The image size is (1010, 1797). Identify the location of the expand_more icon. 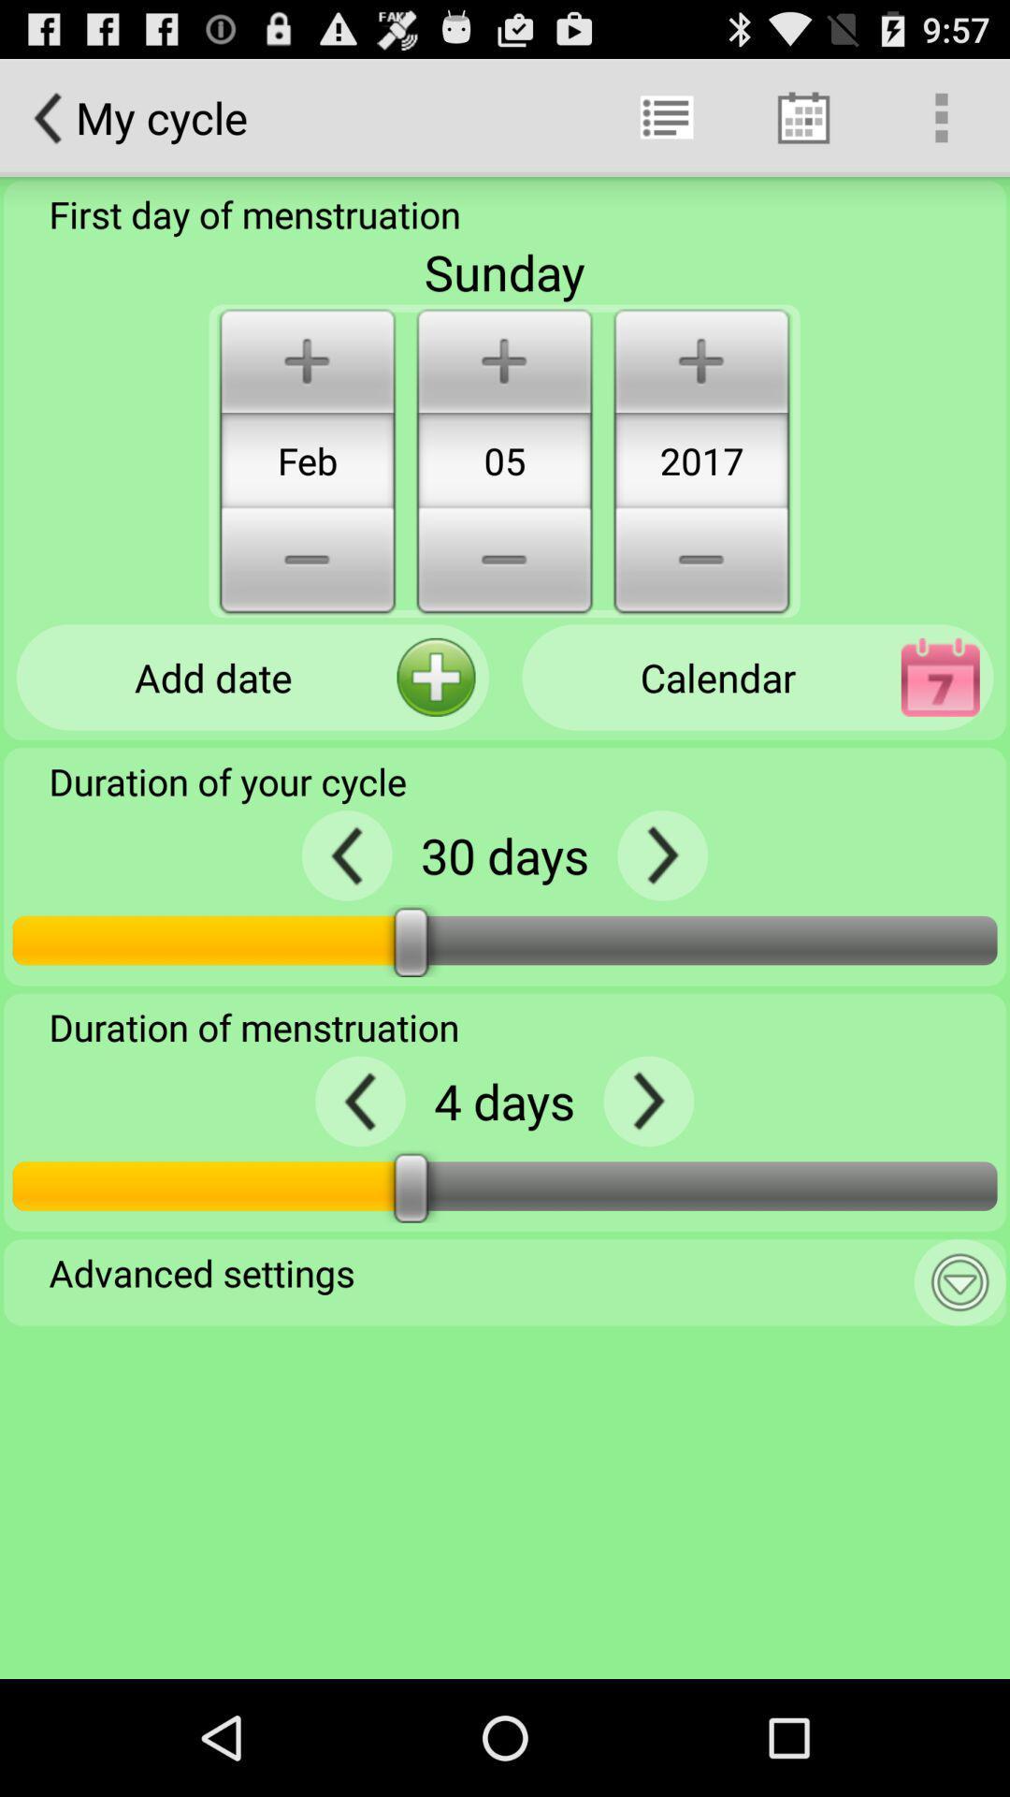
(959, 1372).